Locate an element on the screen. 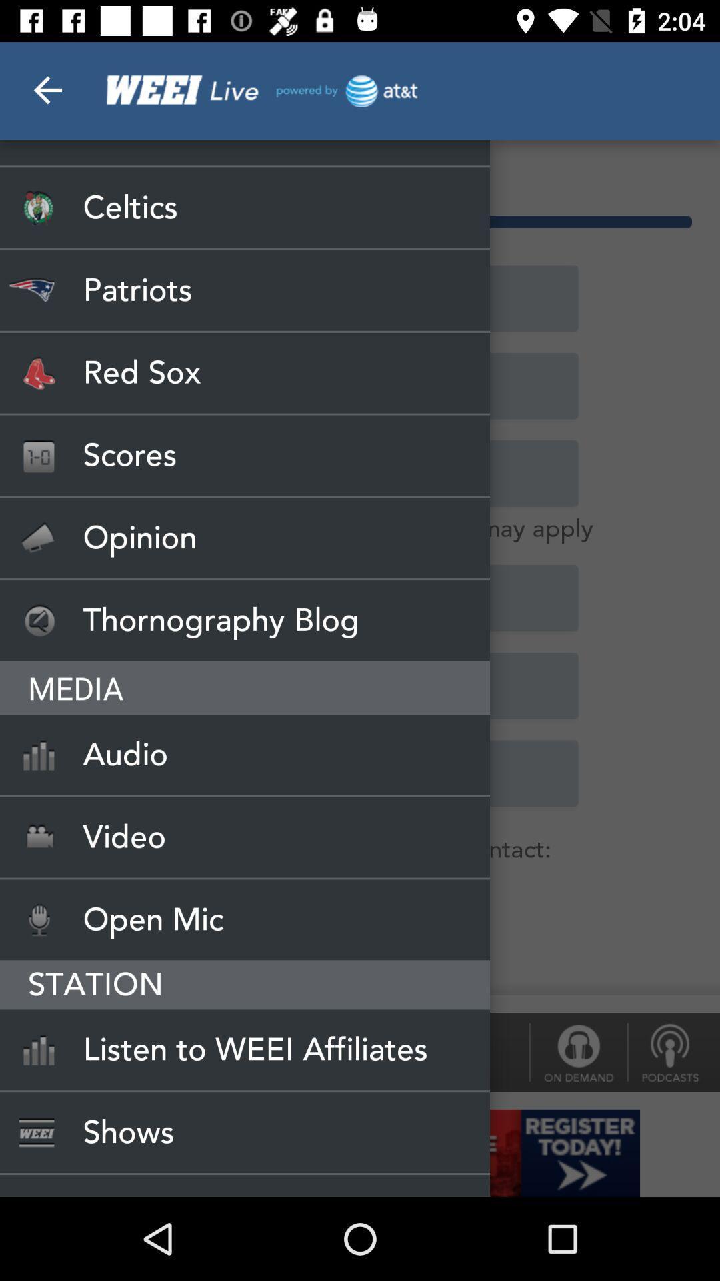 The height and width of the screenshot is (1281, 720). the gift icon is located at coordinates (36, 1051).